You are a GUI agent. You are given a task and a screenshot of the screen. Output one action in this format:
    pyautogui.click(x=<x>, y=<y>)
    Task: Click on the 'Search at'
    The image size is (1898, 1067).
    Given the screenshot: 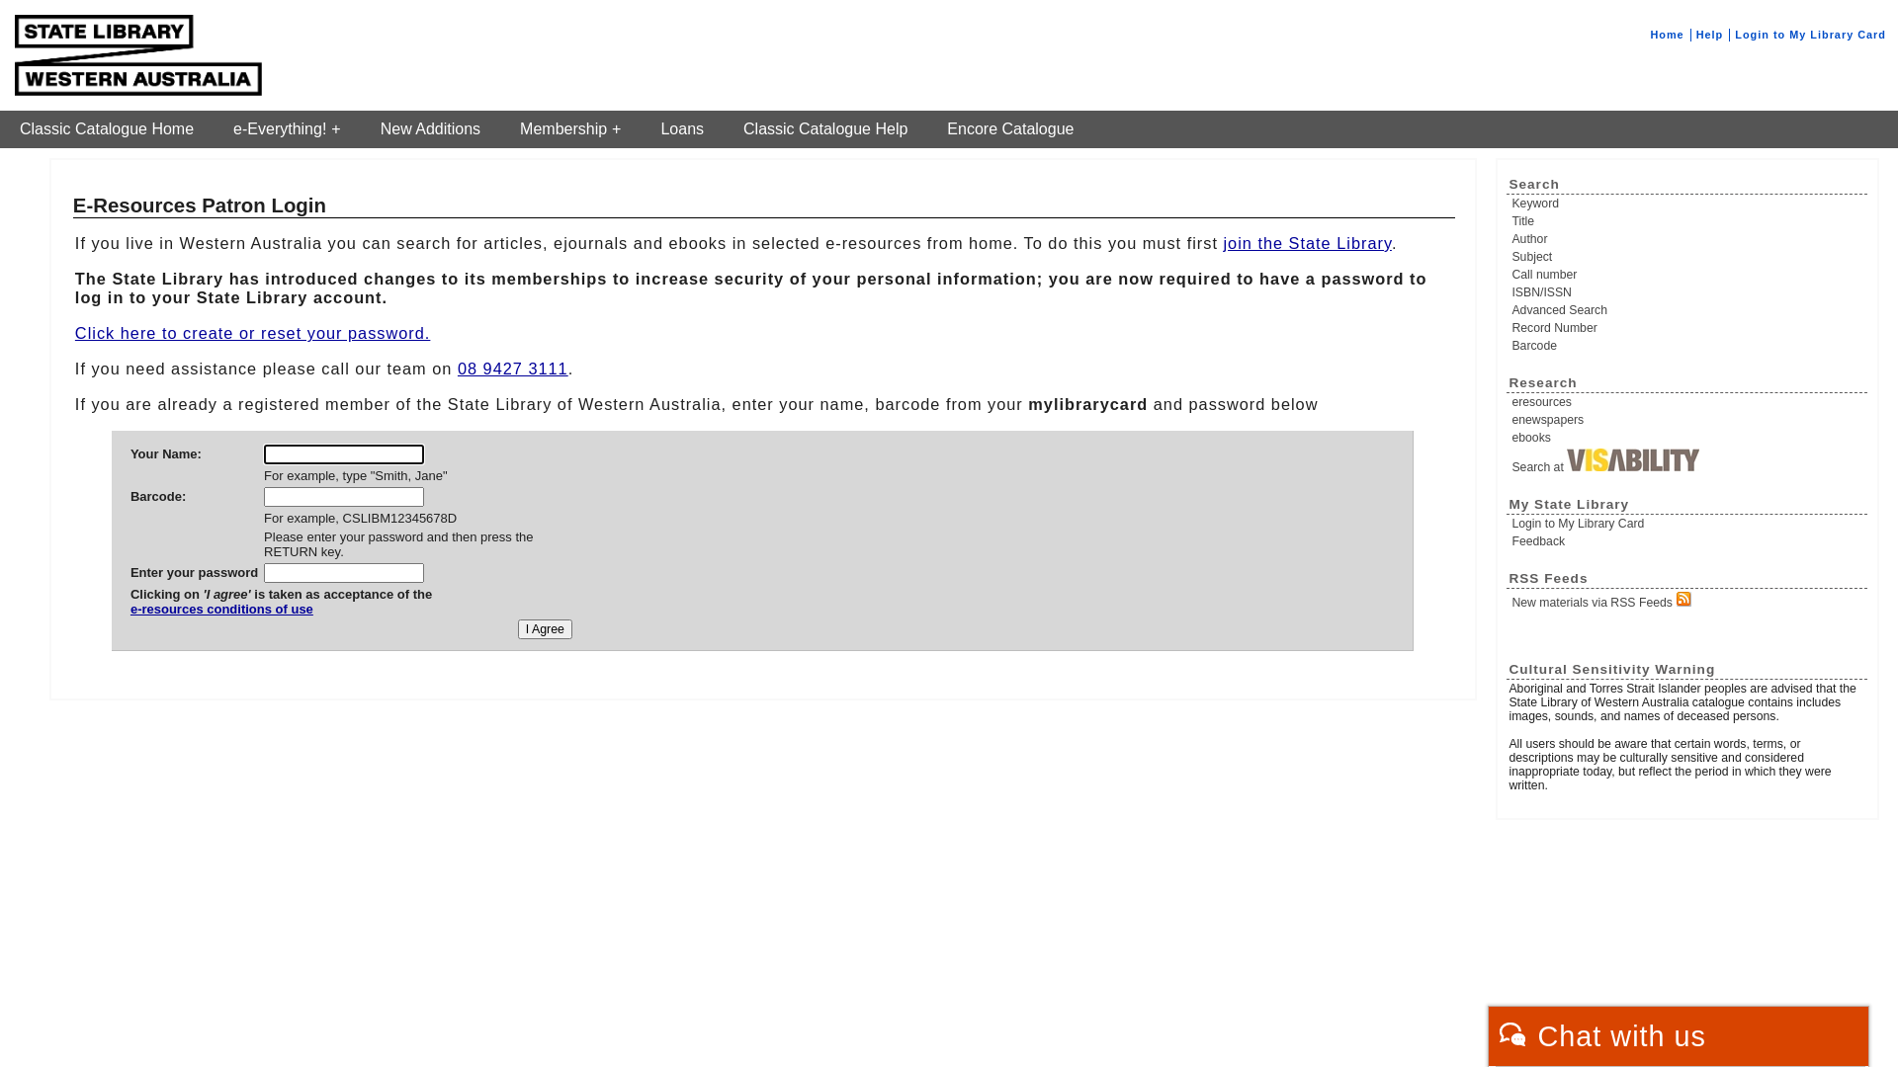 What is the action you would take?
    pyautogui.click(x=1687, y=460)
    